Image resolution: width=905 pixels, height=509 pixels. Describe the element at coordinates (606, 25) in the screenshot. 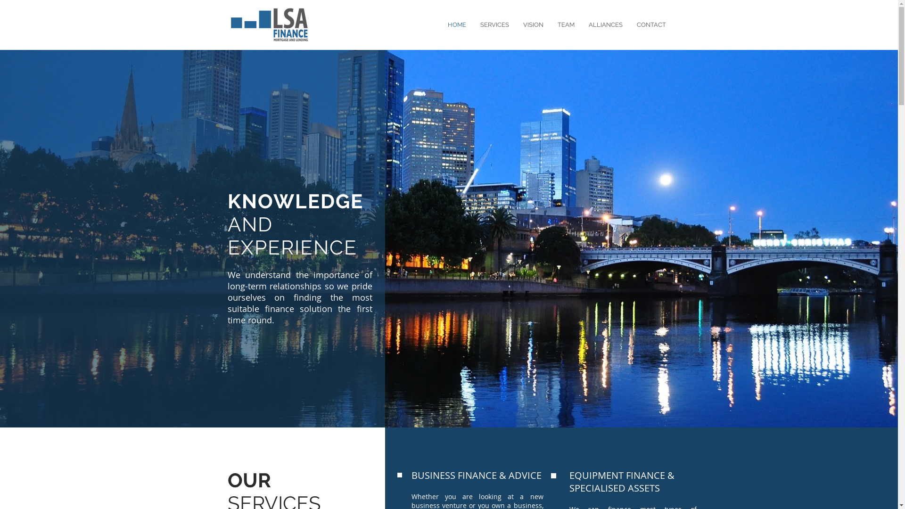

I see `'ALLIANCES'` at that location.